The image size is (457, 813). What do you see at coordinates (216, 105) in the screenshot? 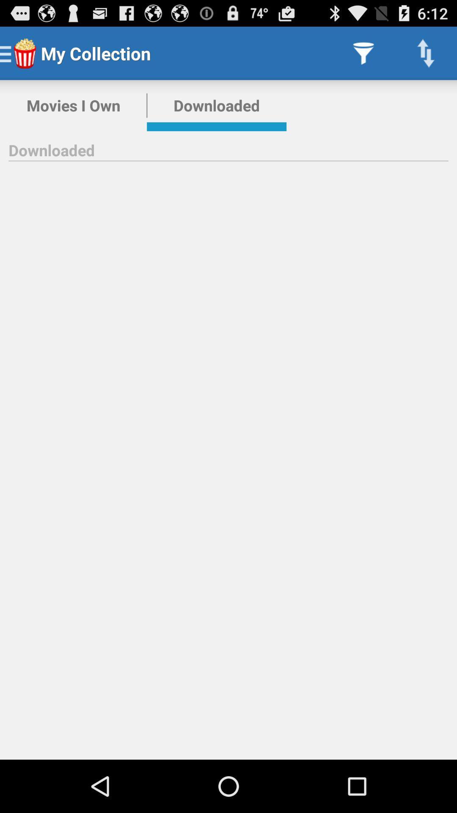
I see `downloaded icon` at bounding box center [216, 105].